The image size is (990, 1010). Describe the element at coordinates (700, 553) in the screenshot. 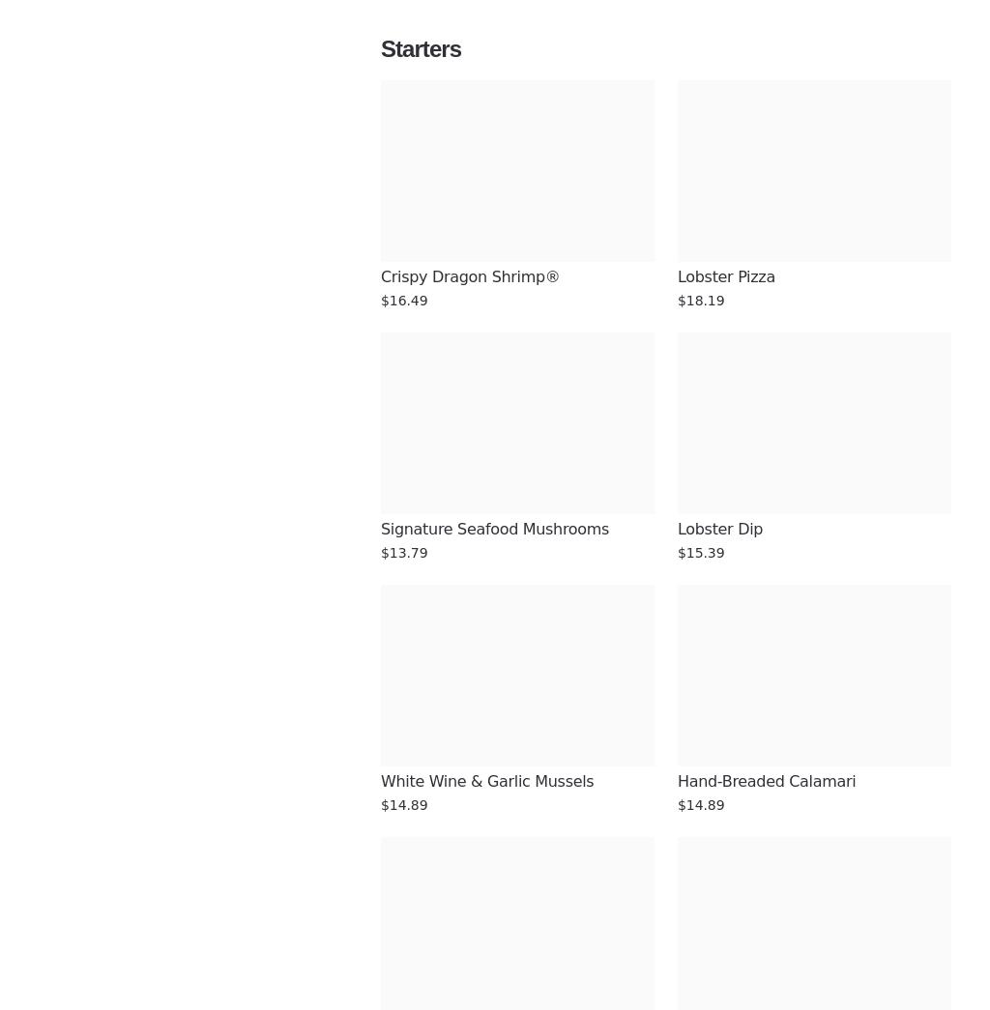

I see `'$15.39'` at that location.